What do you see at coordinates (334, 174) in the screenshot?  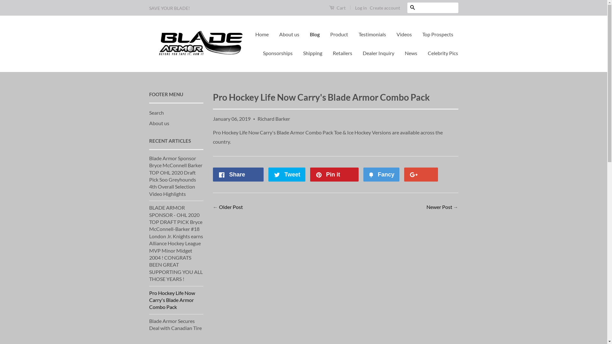 I see `'Pin it` at bounding box center [334, 174].